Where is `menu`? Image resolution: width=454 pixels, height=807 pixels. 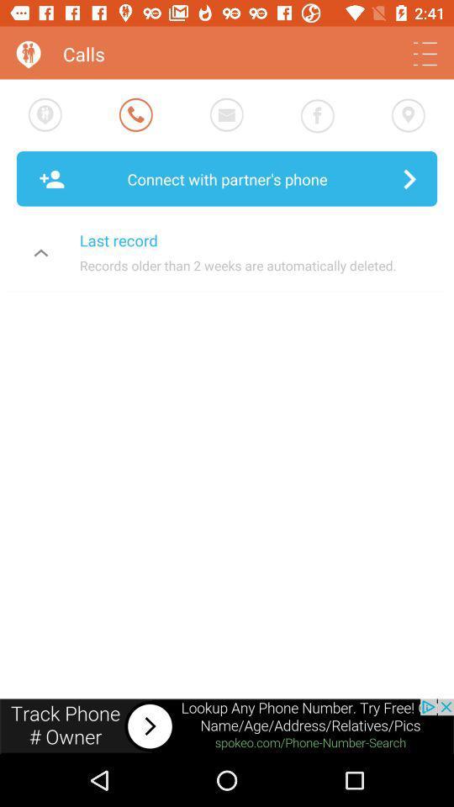 menu is located at coordinates (424, 54).